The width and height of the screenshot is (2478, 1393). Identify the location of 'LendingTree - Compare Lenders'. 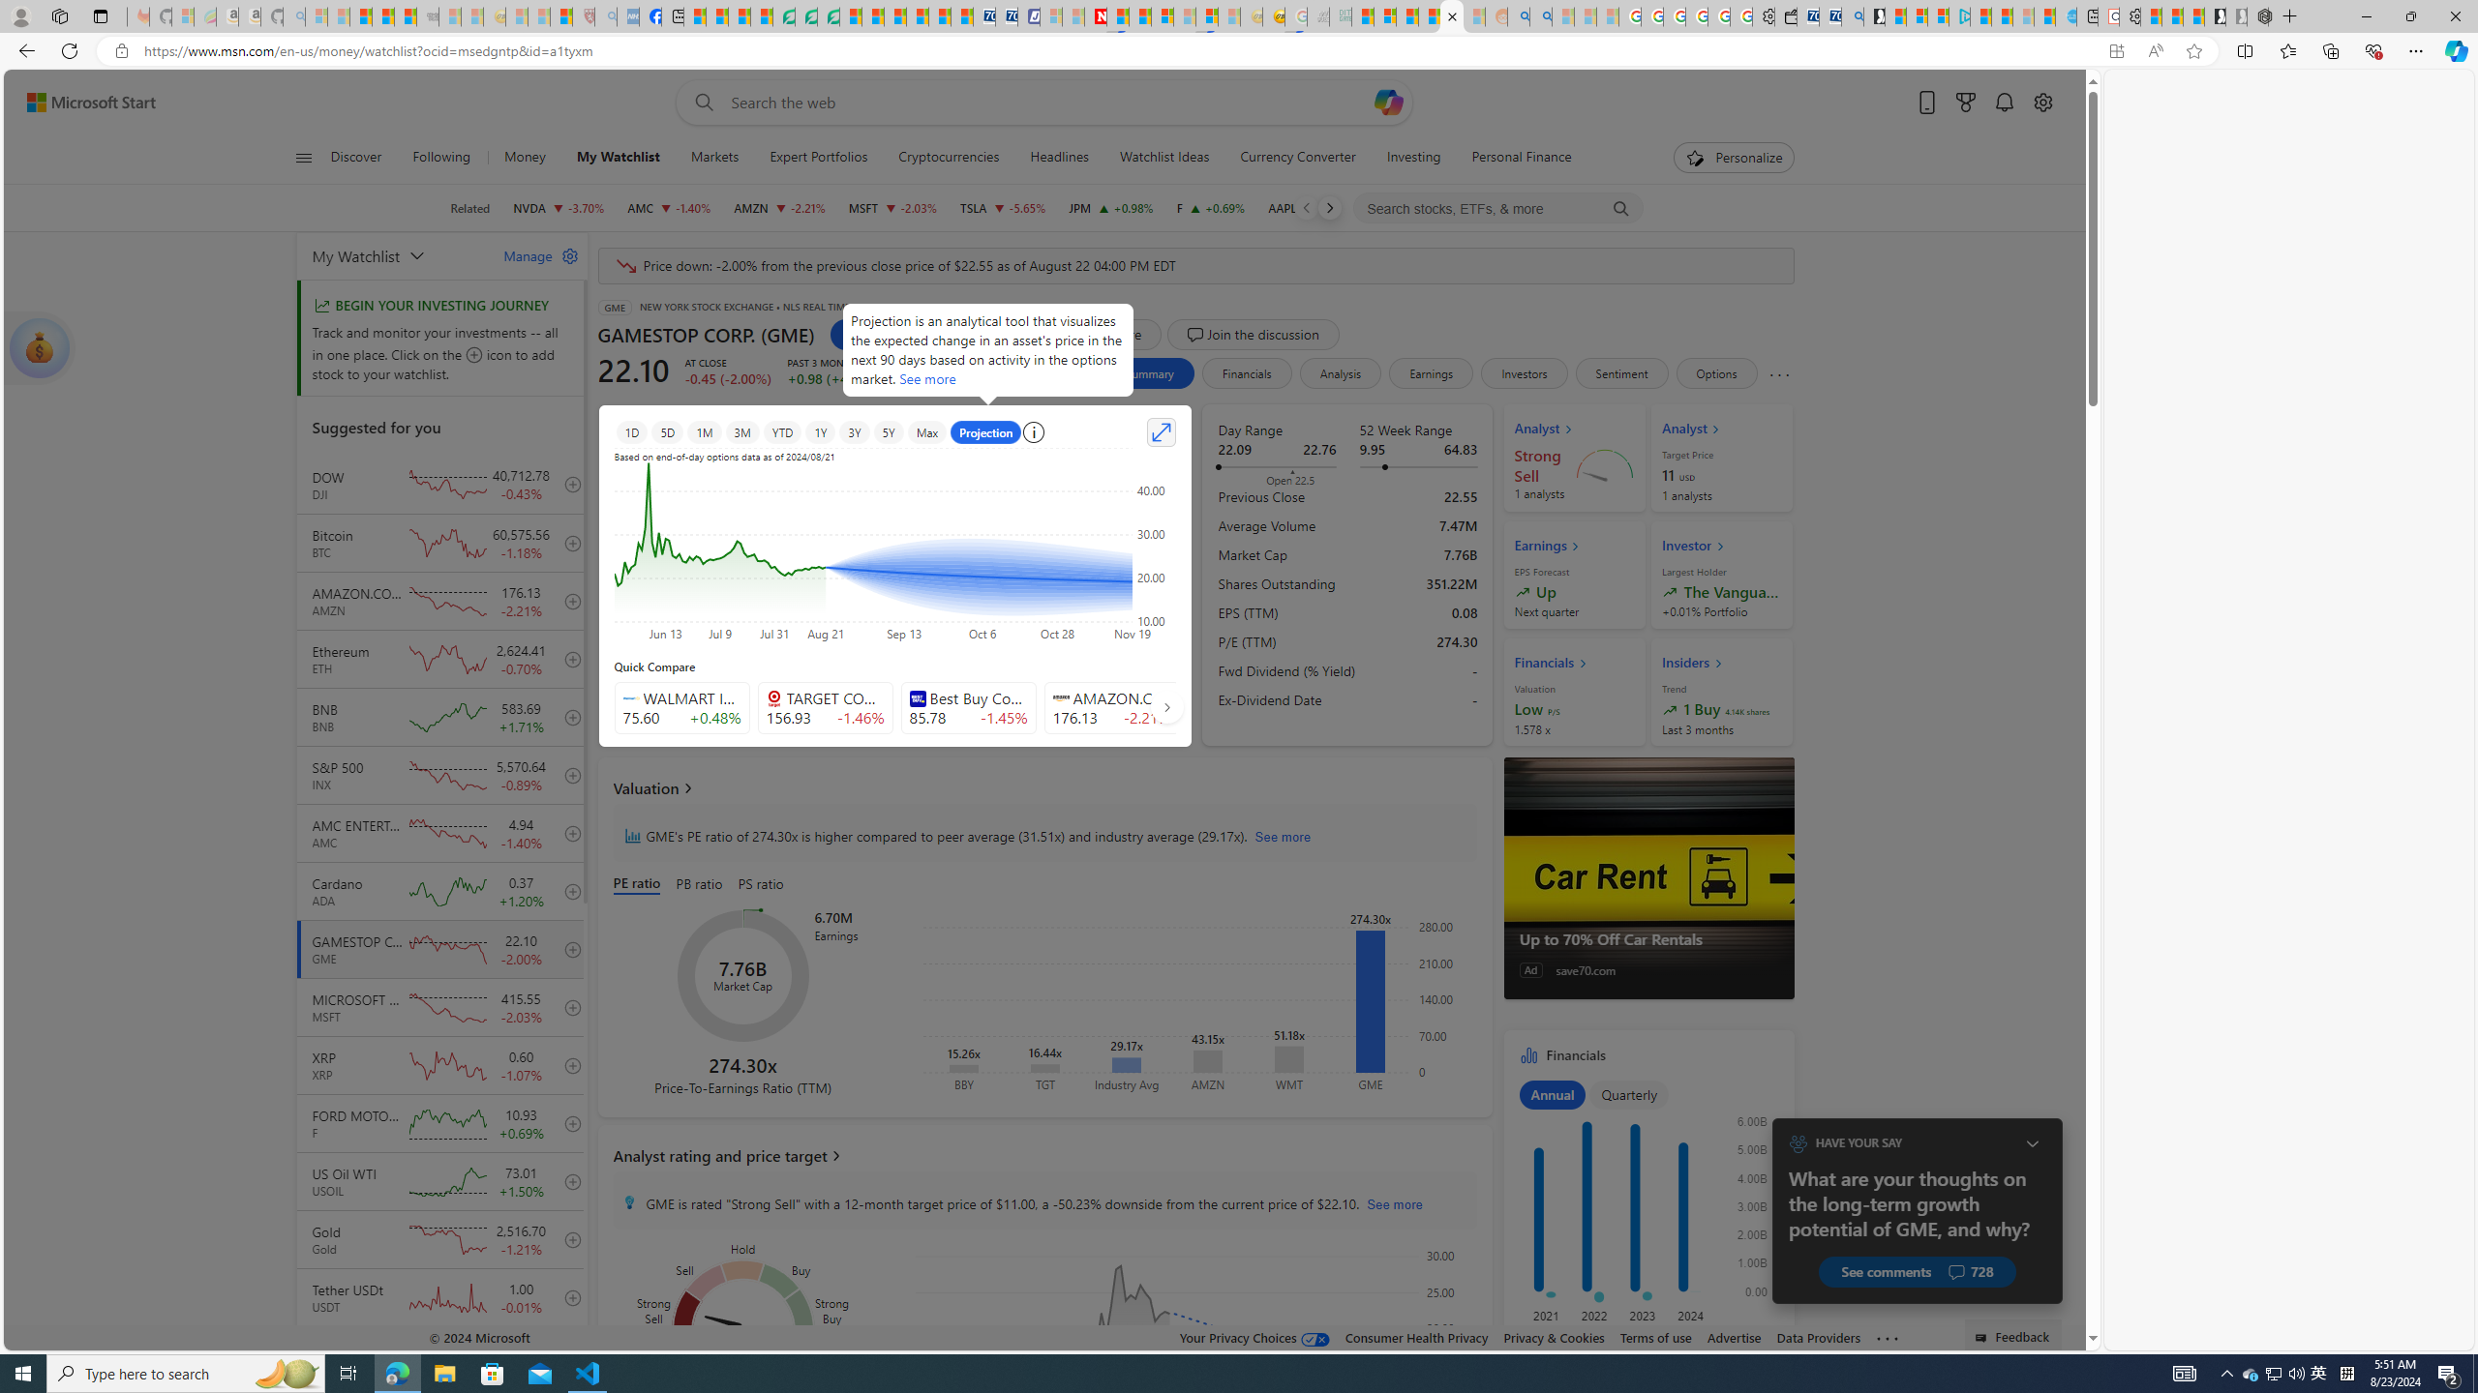
(784, 15).